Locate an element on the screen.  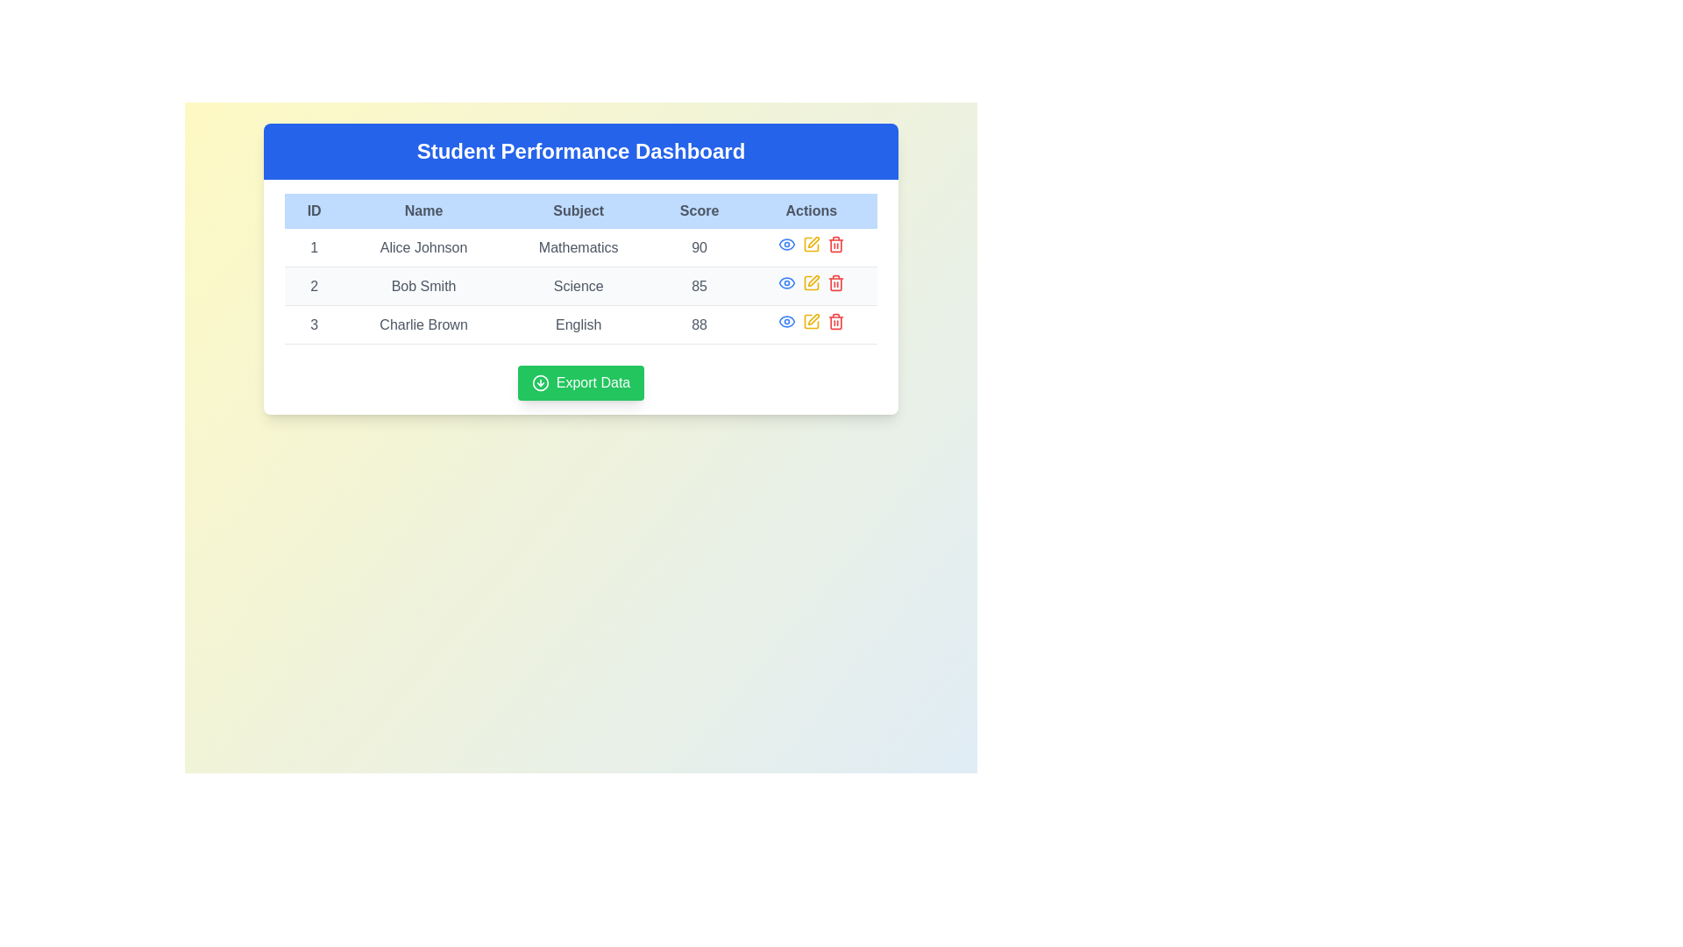
the pen icon representing the edit action for the 'Science' subject in the second row of the data table under the 'Actions' column is located at coordinates (813, 319).